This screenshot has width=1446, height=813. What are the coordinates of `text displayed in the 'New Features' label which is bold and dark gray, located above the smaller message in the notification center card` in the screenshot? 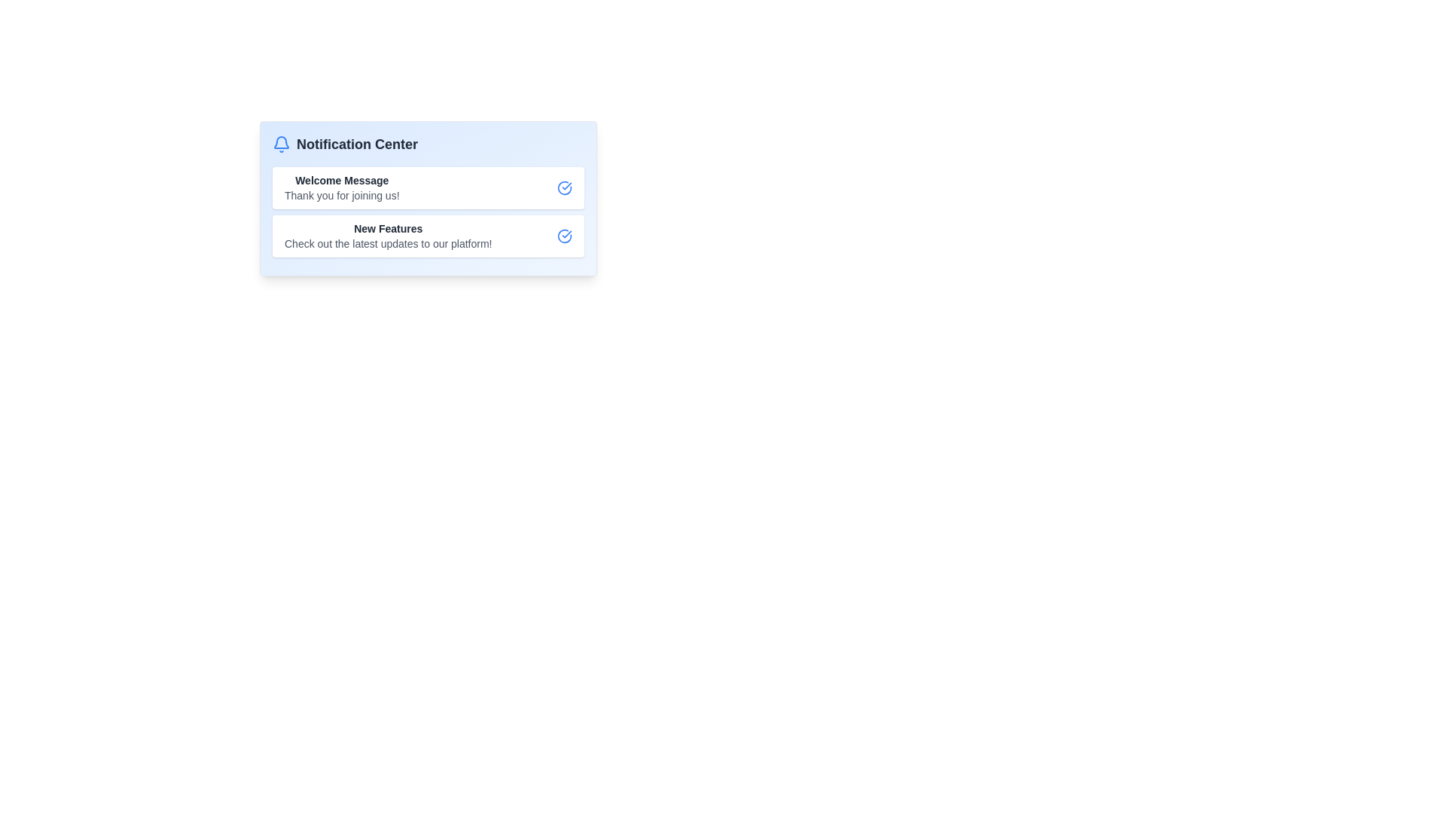 It's located at (388, 229).